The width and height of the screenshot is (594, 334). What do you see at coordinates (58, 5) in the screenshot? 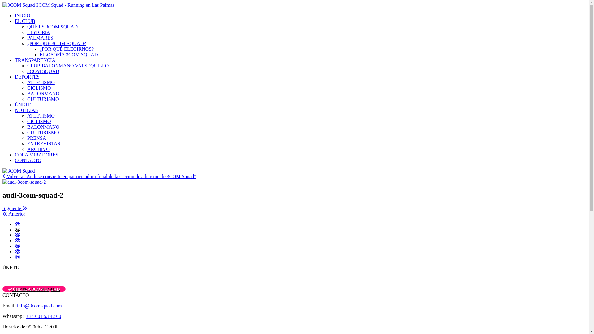
I see `'3COM Squad - Running en Las Palmas'` at bounding box center [58, 5].